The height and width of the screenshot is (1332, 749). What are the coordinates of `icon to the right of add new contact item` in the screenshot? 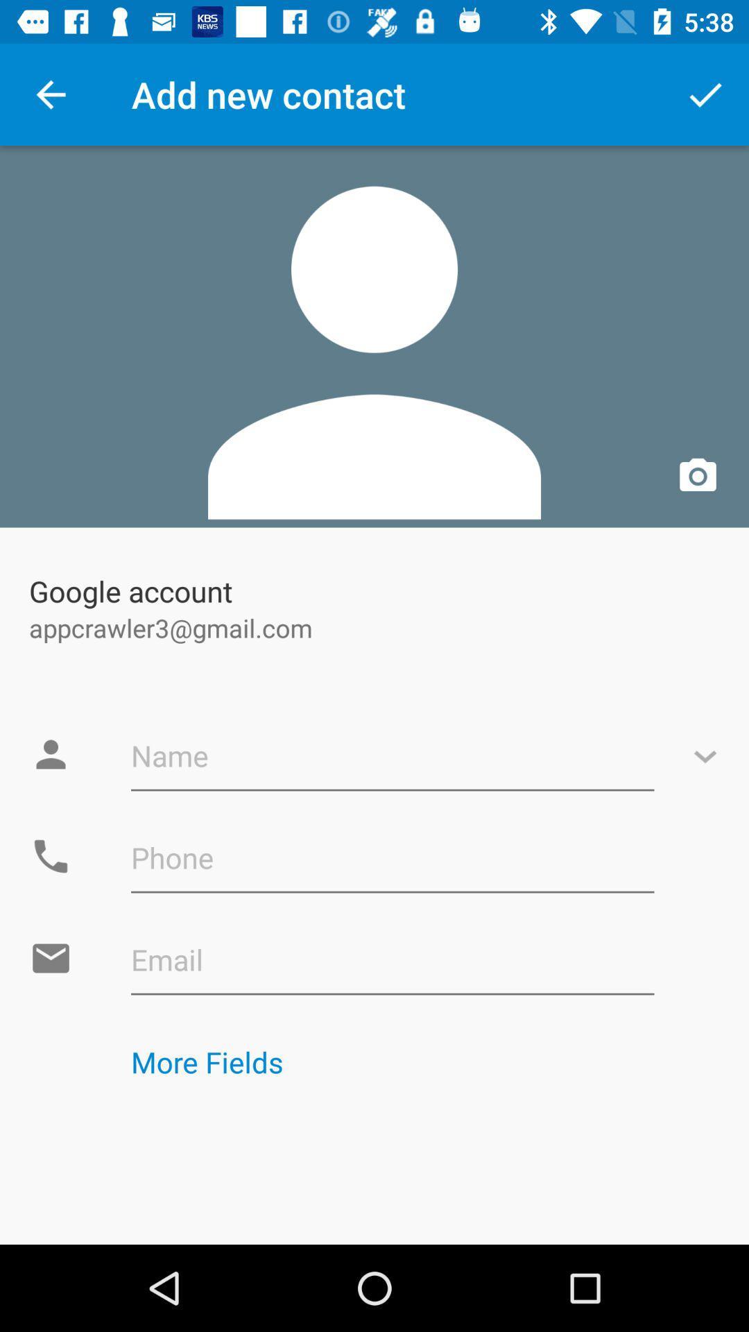 It's located at (705, 94).